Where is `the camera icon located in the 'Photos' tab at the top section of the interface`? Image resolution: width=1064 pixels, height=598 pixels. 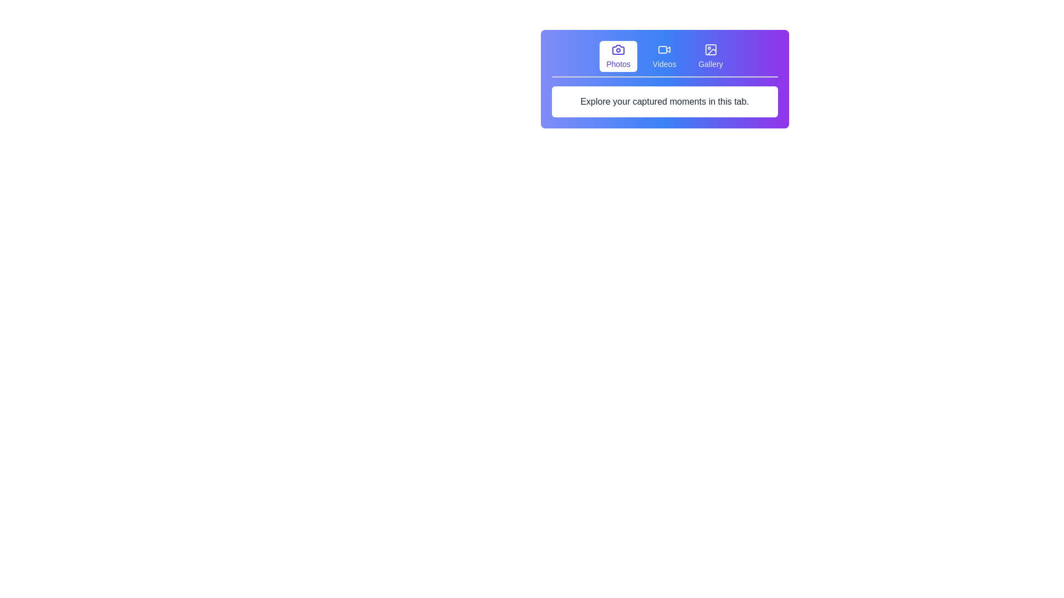
the camera icon located in the 'Photos' tab at the top section of the interface is located at coordinates (618, 49).